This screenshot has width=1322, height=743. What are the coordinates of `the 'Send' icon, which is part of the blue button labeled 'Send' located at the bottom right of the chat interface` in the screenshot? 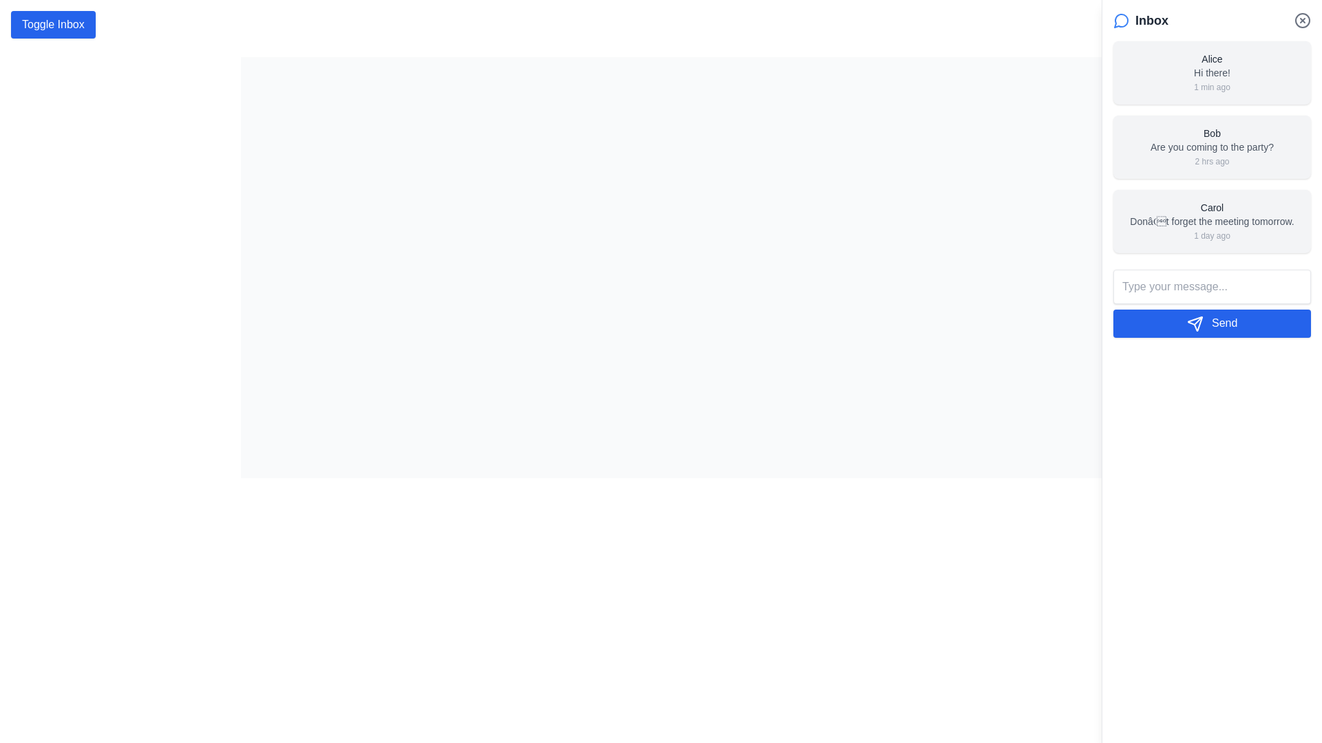 It's located at (1194, 323).